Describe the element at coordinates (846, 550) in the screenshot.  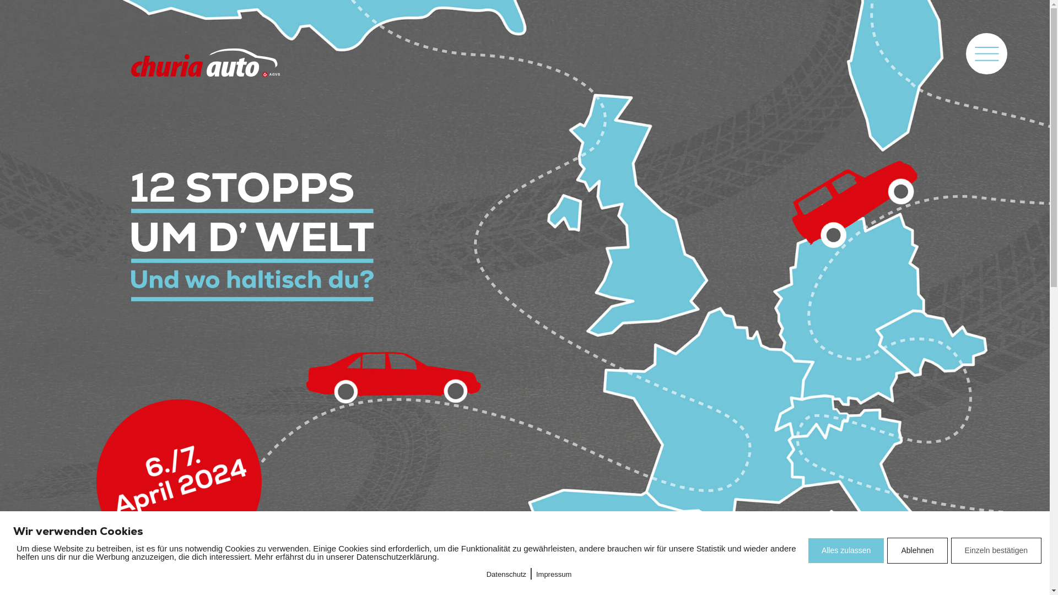
I see `'Alles zulassen'` at that location.